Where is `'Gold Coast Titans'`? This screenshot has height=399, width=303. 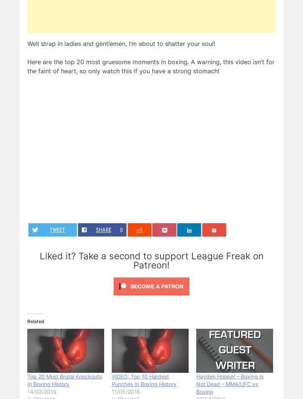 'Gold Coast Titans' is located at coordinates (53, 109).